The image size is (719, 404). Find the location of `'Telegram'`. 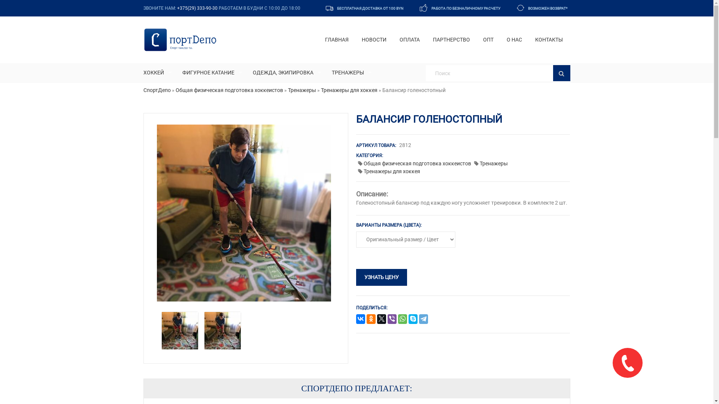

'Telegram' is located at coordinates (424, 319).